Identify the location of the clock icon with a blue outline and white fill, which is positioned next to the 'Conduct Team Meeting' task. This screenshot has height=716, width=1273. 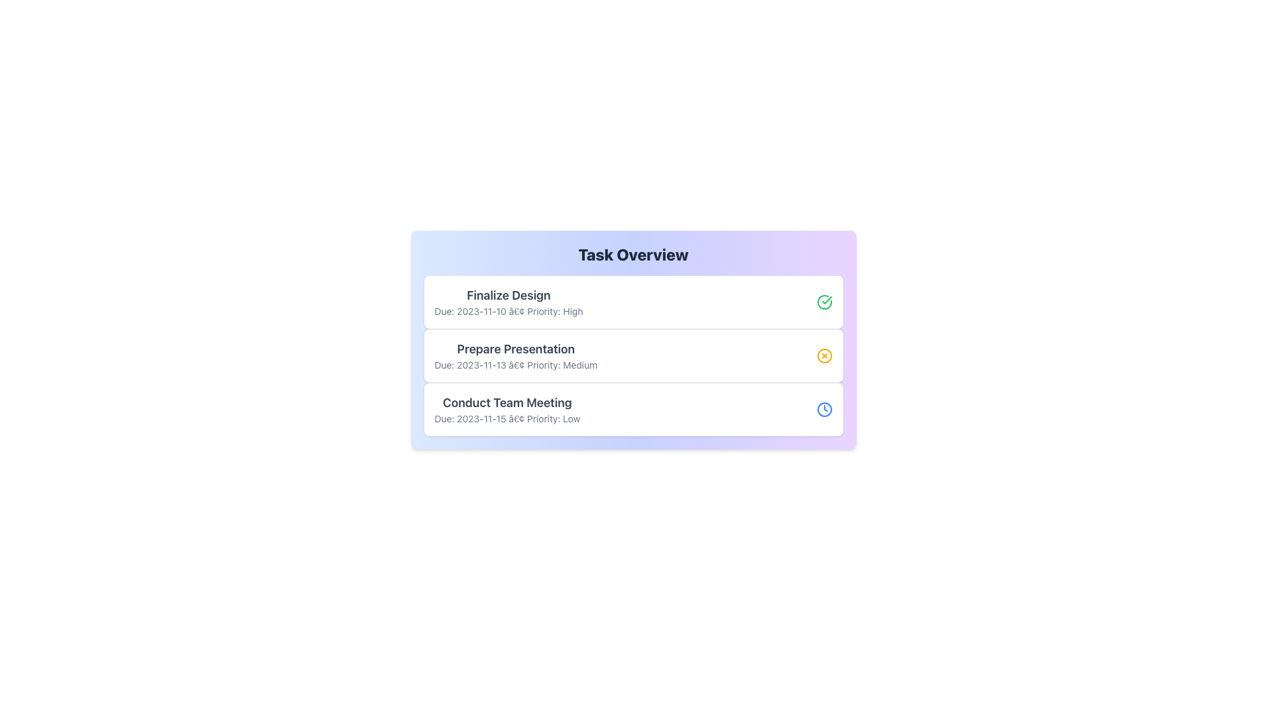
(823, 408).